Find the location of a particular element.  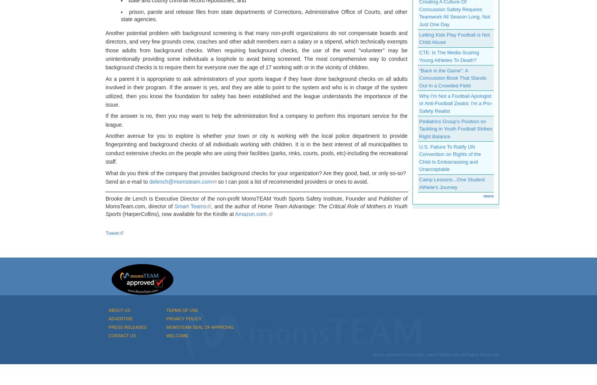

'delench@momsteam.com' is located at coordinates (149, 181).